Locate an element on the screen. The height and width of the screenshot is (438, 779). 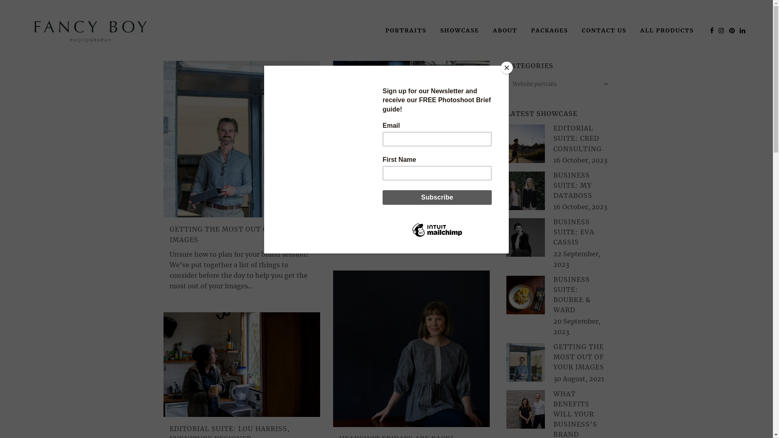
'ABOUT' is located at coordinates (486, 30).